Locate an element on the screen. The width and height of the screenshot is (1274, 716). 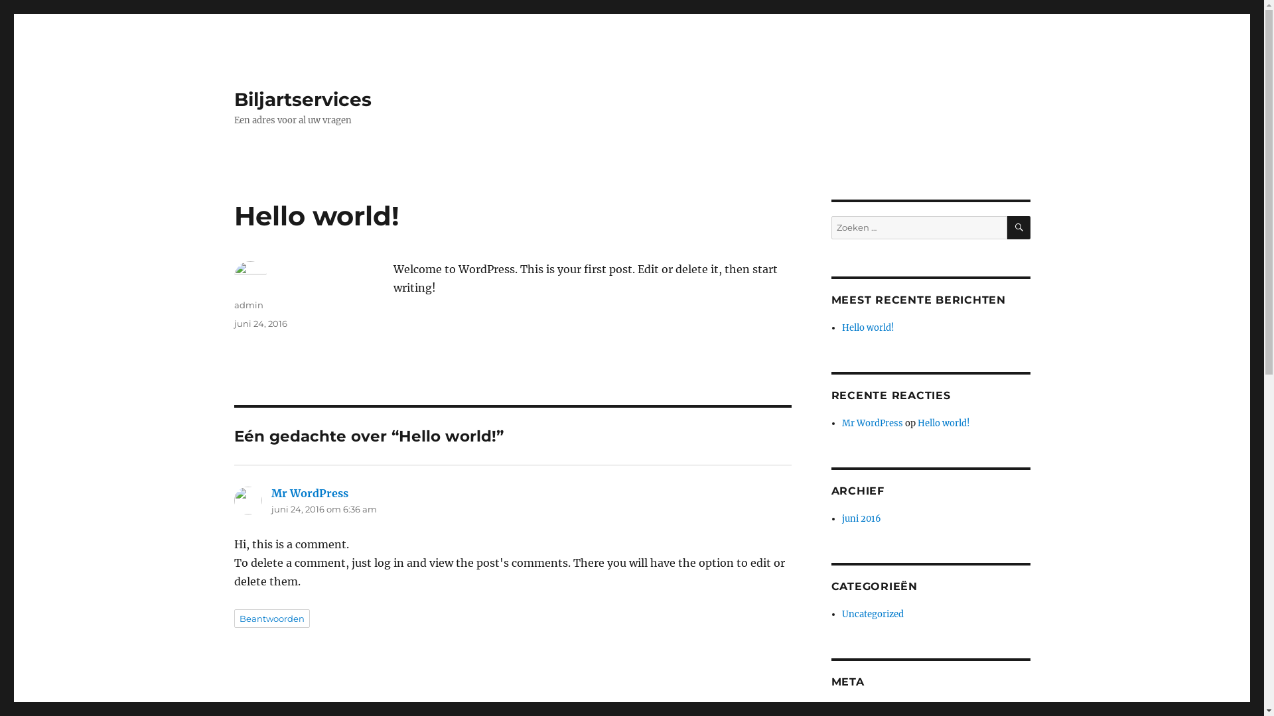
'Mr WordPress' is located at coordinates (270, 493).